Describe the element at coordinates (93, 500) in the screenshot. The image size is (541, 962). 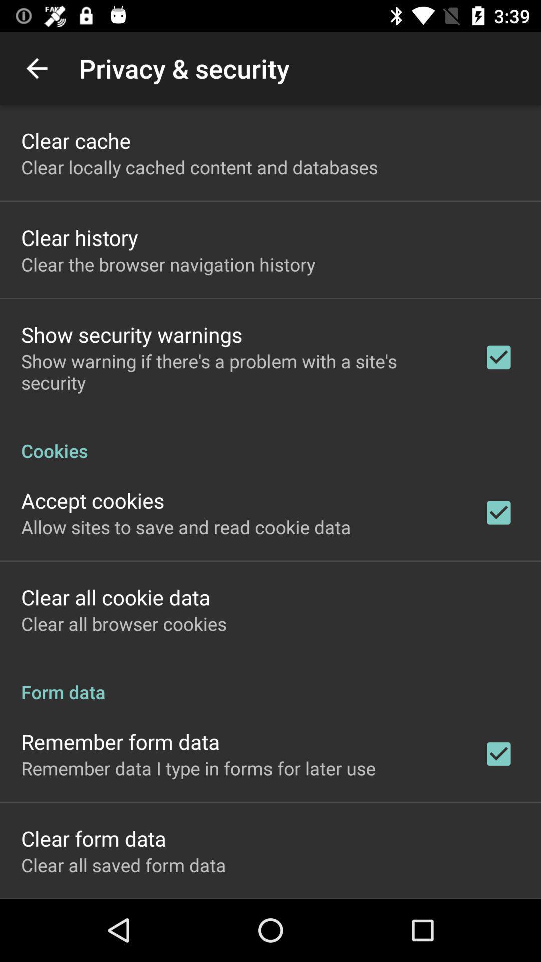
I see `the icon above the allow sites to` at that location.